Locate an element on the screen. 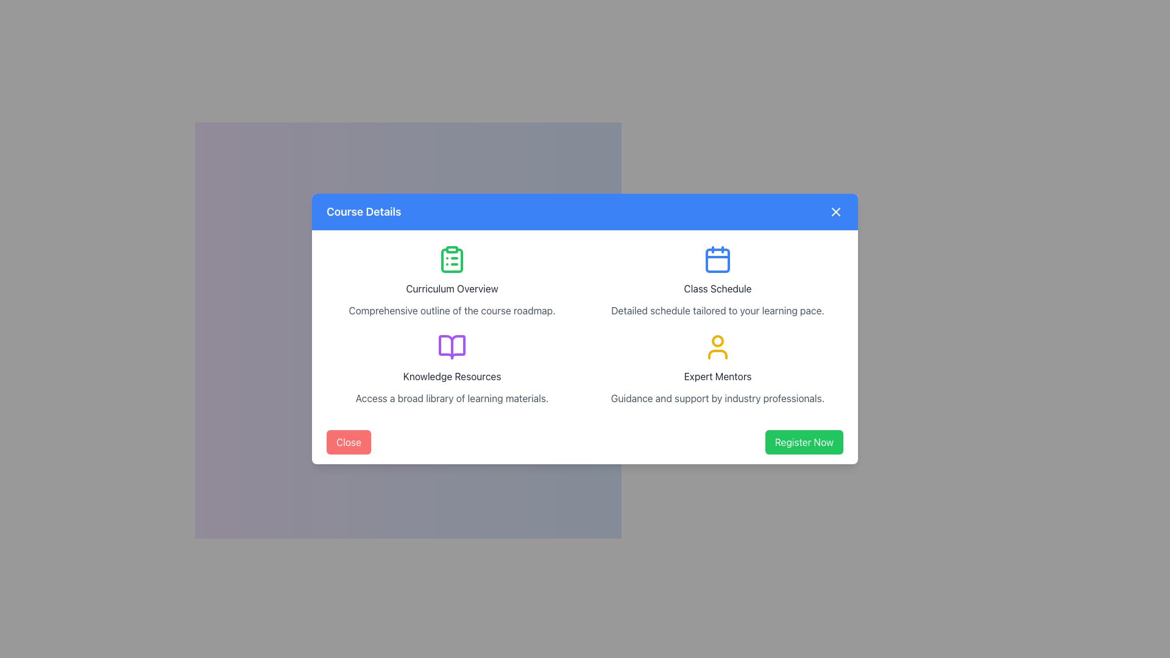  the Decorative Icon representing mentorship or assistance, located in the 'Expert Mentors' section at the bottom-right of the dialog is located at coordinates (717, 347).